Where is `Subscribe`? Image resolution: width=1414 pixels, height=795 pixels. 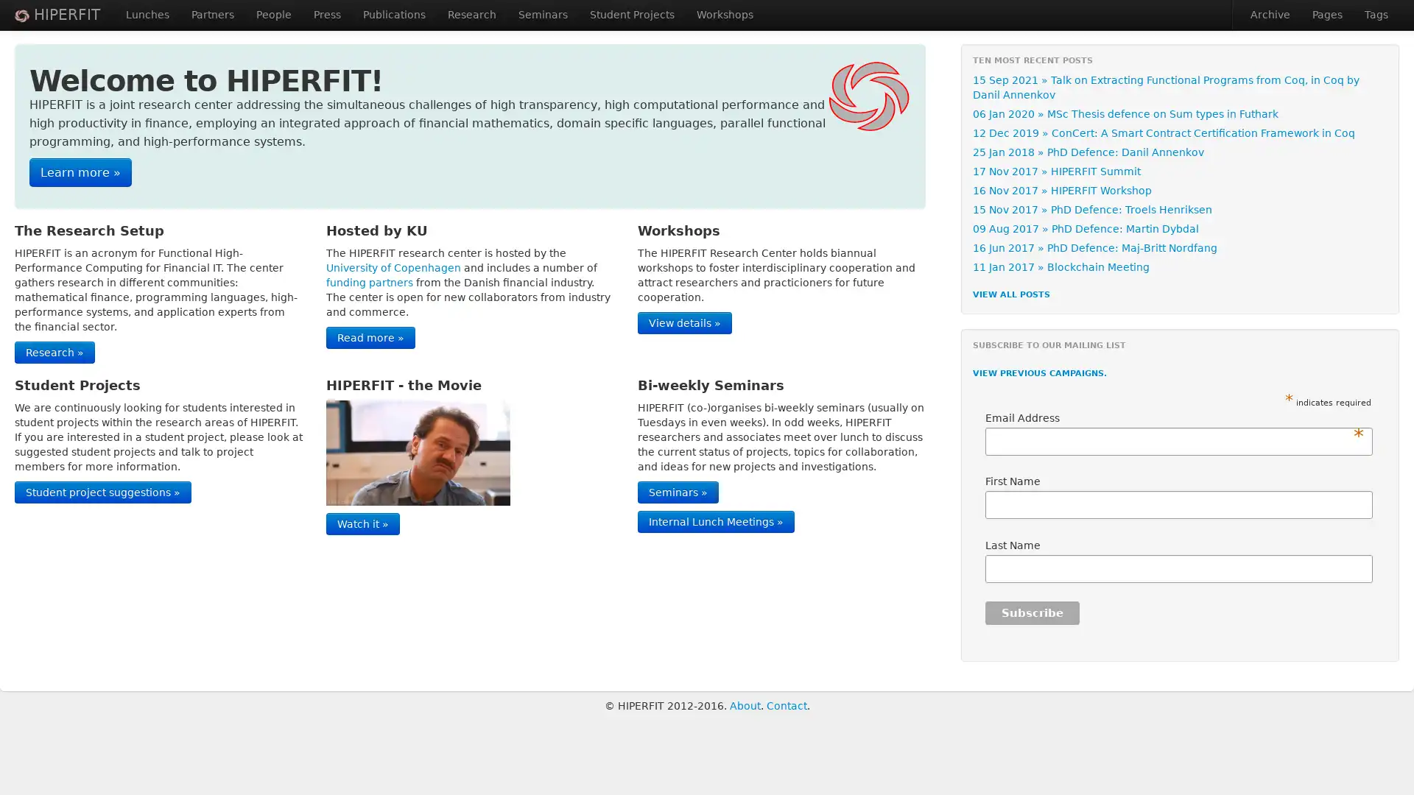
Subscribe is located at coordinates (1031, 613).